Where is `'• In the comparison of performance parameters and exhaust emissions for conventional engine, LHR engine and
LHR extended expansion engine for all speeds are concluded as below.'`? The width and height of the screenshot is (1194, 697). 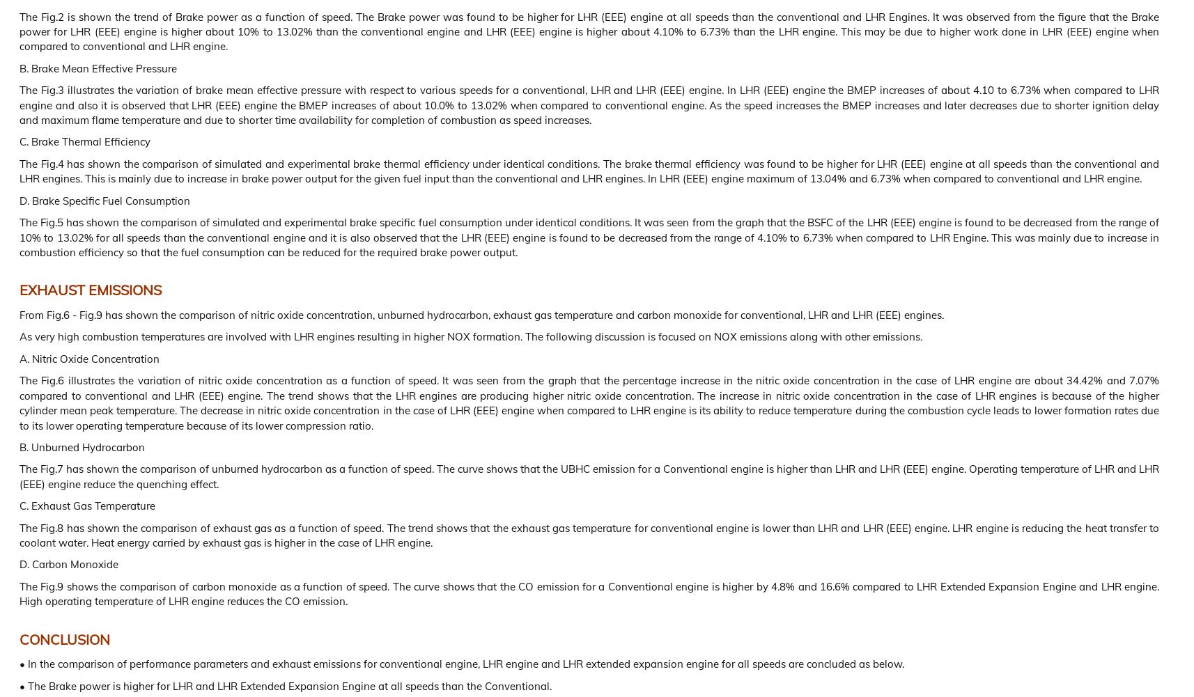 '• In the comparison of performance parameters and exhaust emissions for conventional engine, LHR engine and
LHR extended expansion engine for all speeds are concluded as below.' is located at coordinates (460, 663).